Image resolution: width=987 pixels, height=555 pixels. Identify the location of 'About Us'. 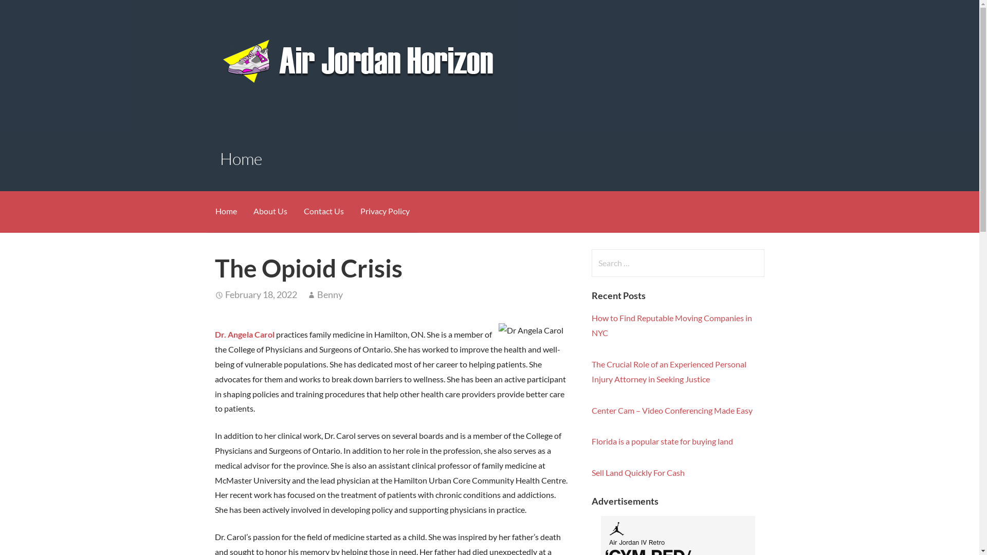
(269, 211).